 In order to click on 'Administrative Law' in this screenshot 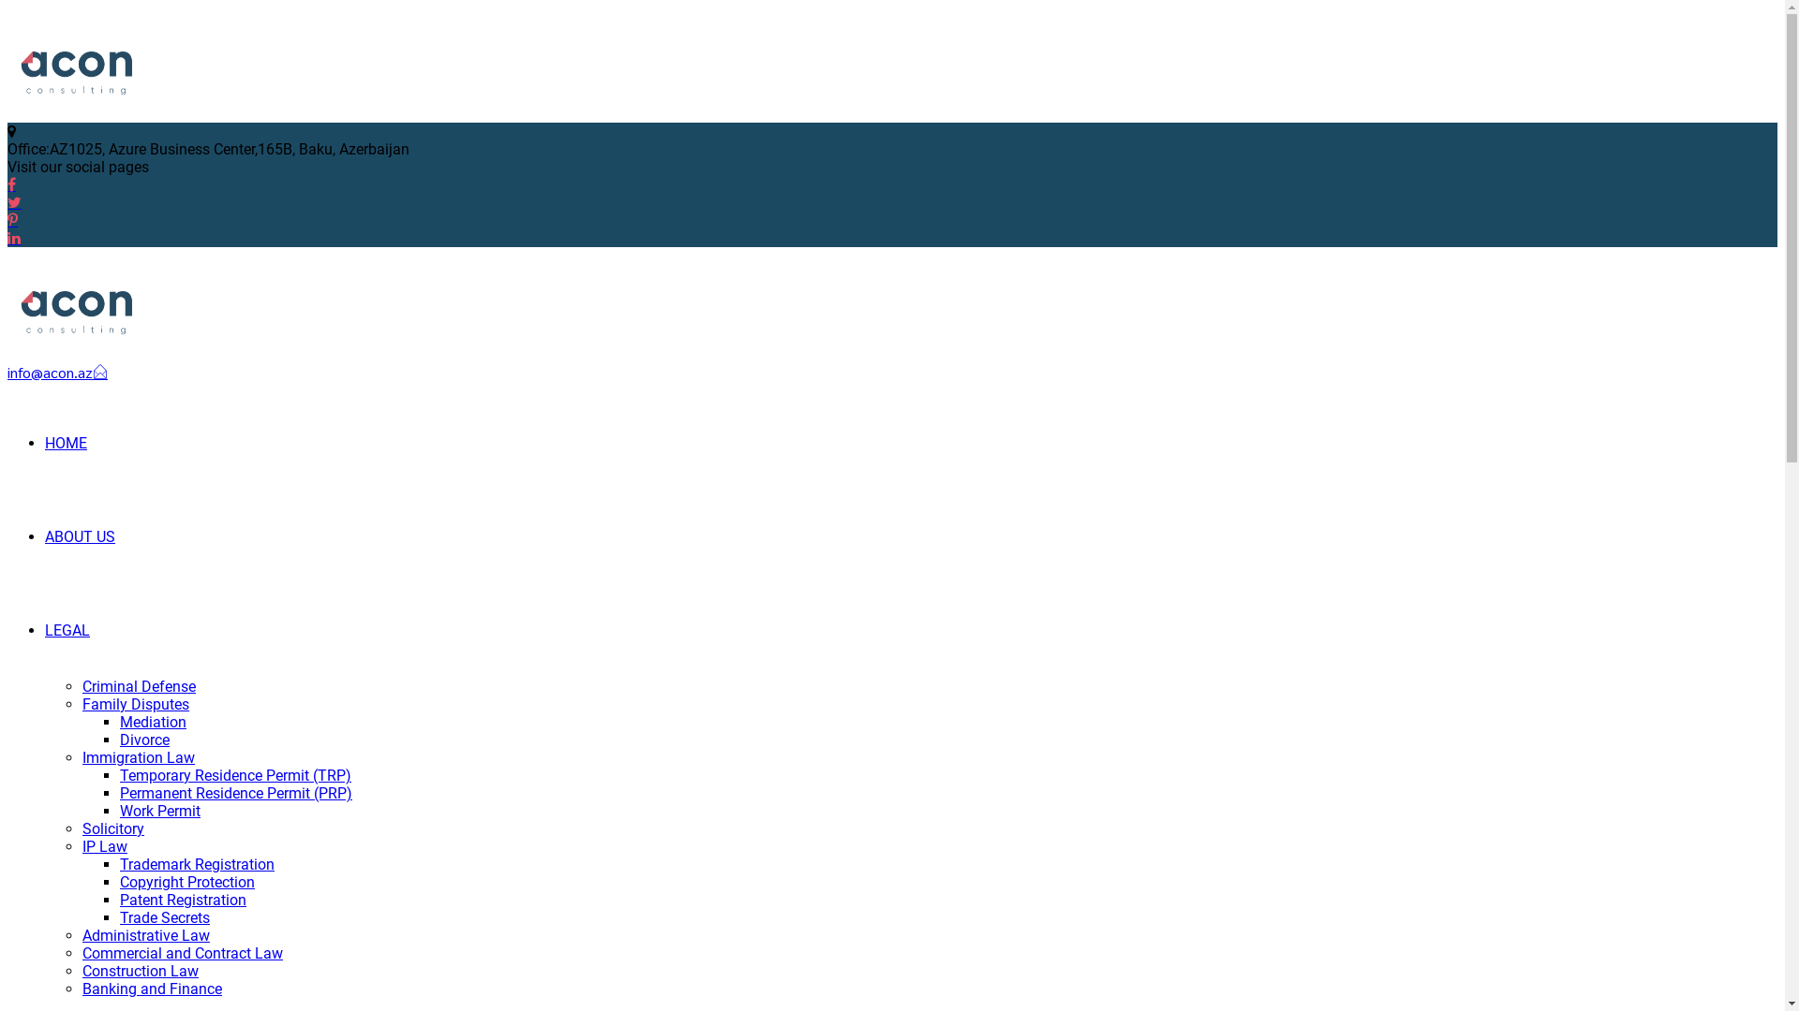, I will do `click(81, 935)`.